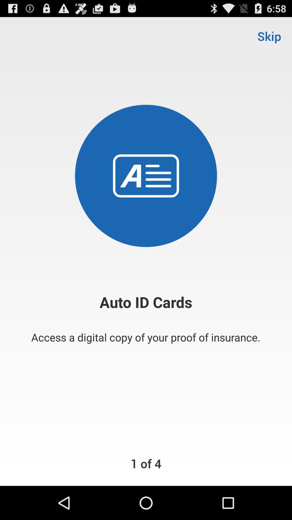 The height and width of the screenshot is (520, 292). I want to click on skip at the top right corner, so click(269, 36).